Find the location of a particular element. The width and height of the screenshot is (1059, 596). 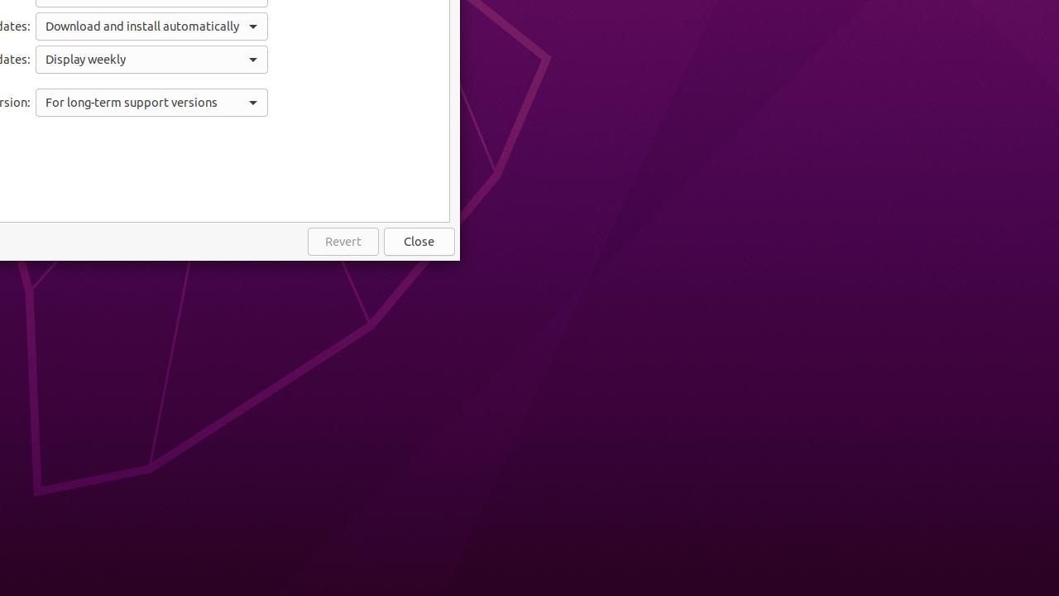

'Download and install automatically' is located at coordinates (151, 26).